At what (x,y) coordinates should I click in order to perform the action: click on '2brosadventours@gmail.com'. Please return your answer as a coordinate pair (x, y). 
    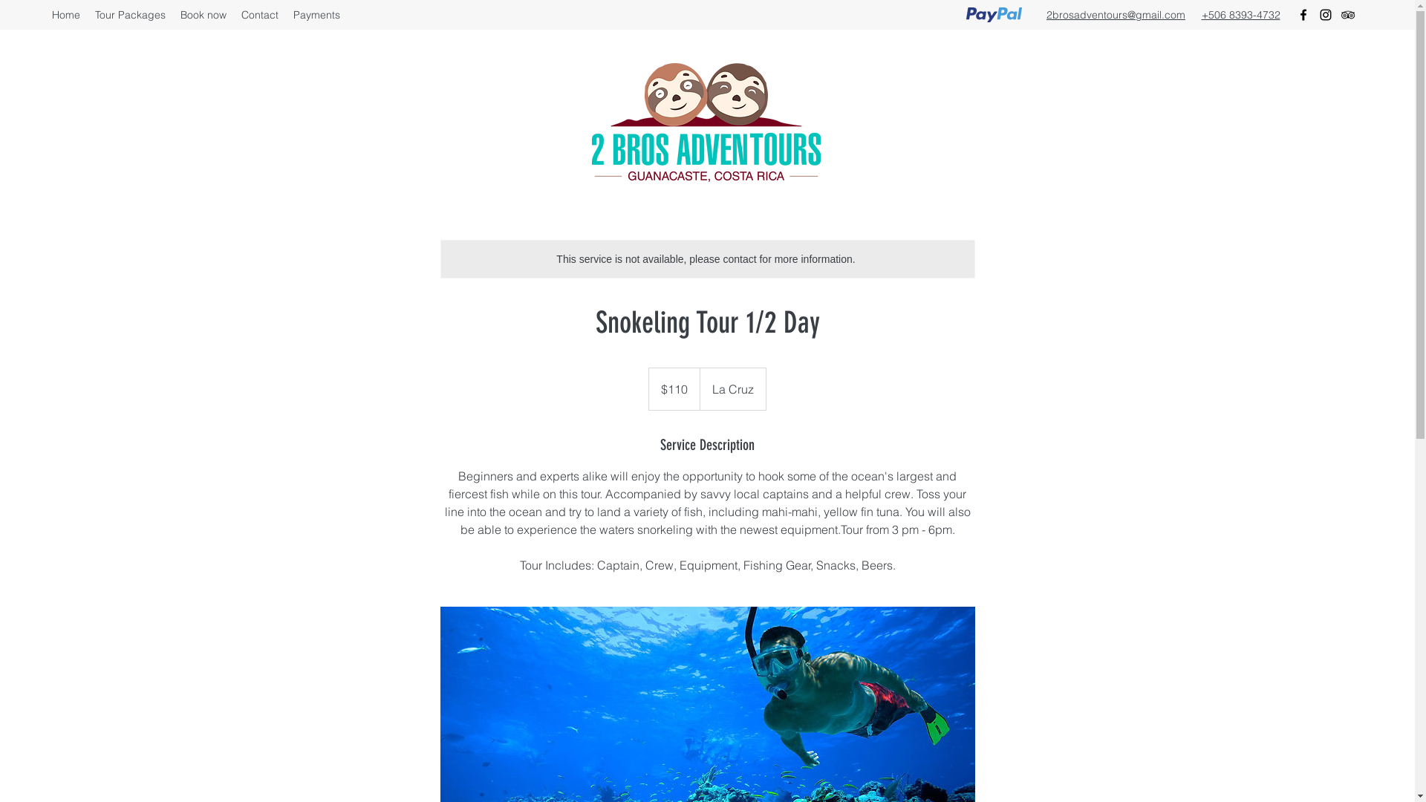
    Looking at the image, I should click on (1116, 14).